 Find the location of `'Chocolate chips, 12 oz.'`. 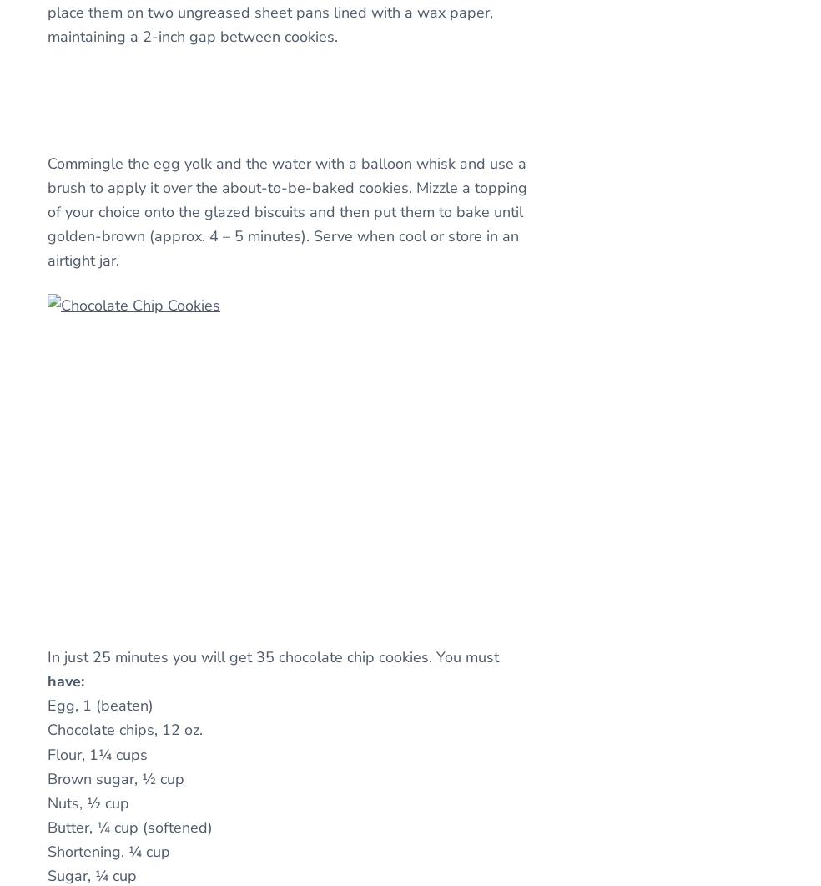

'Chocolate chips, 12 oz.' is located at coordinates (124, 730).